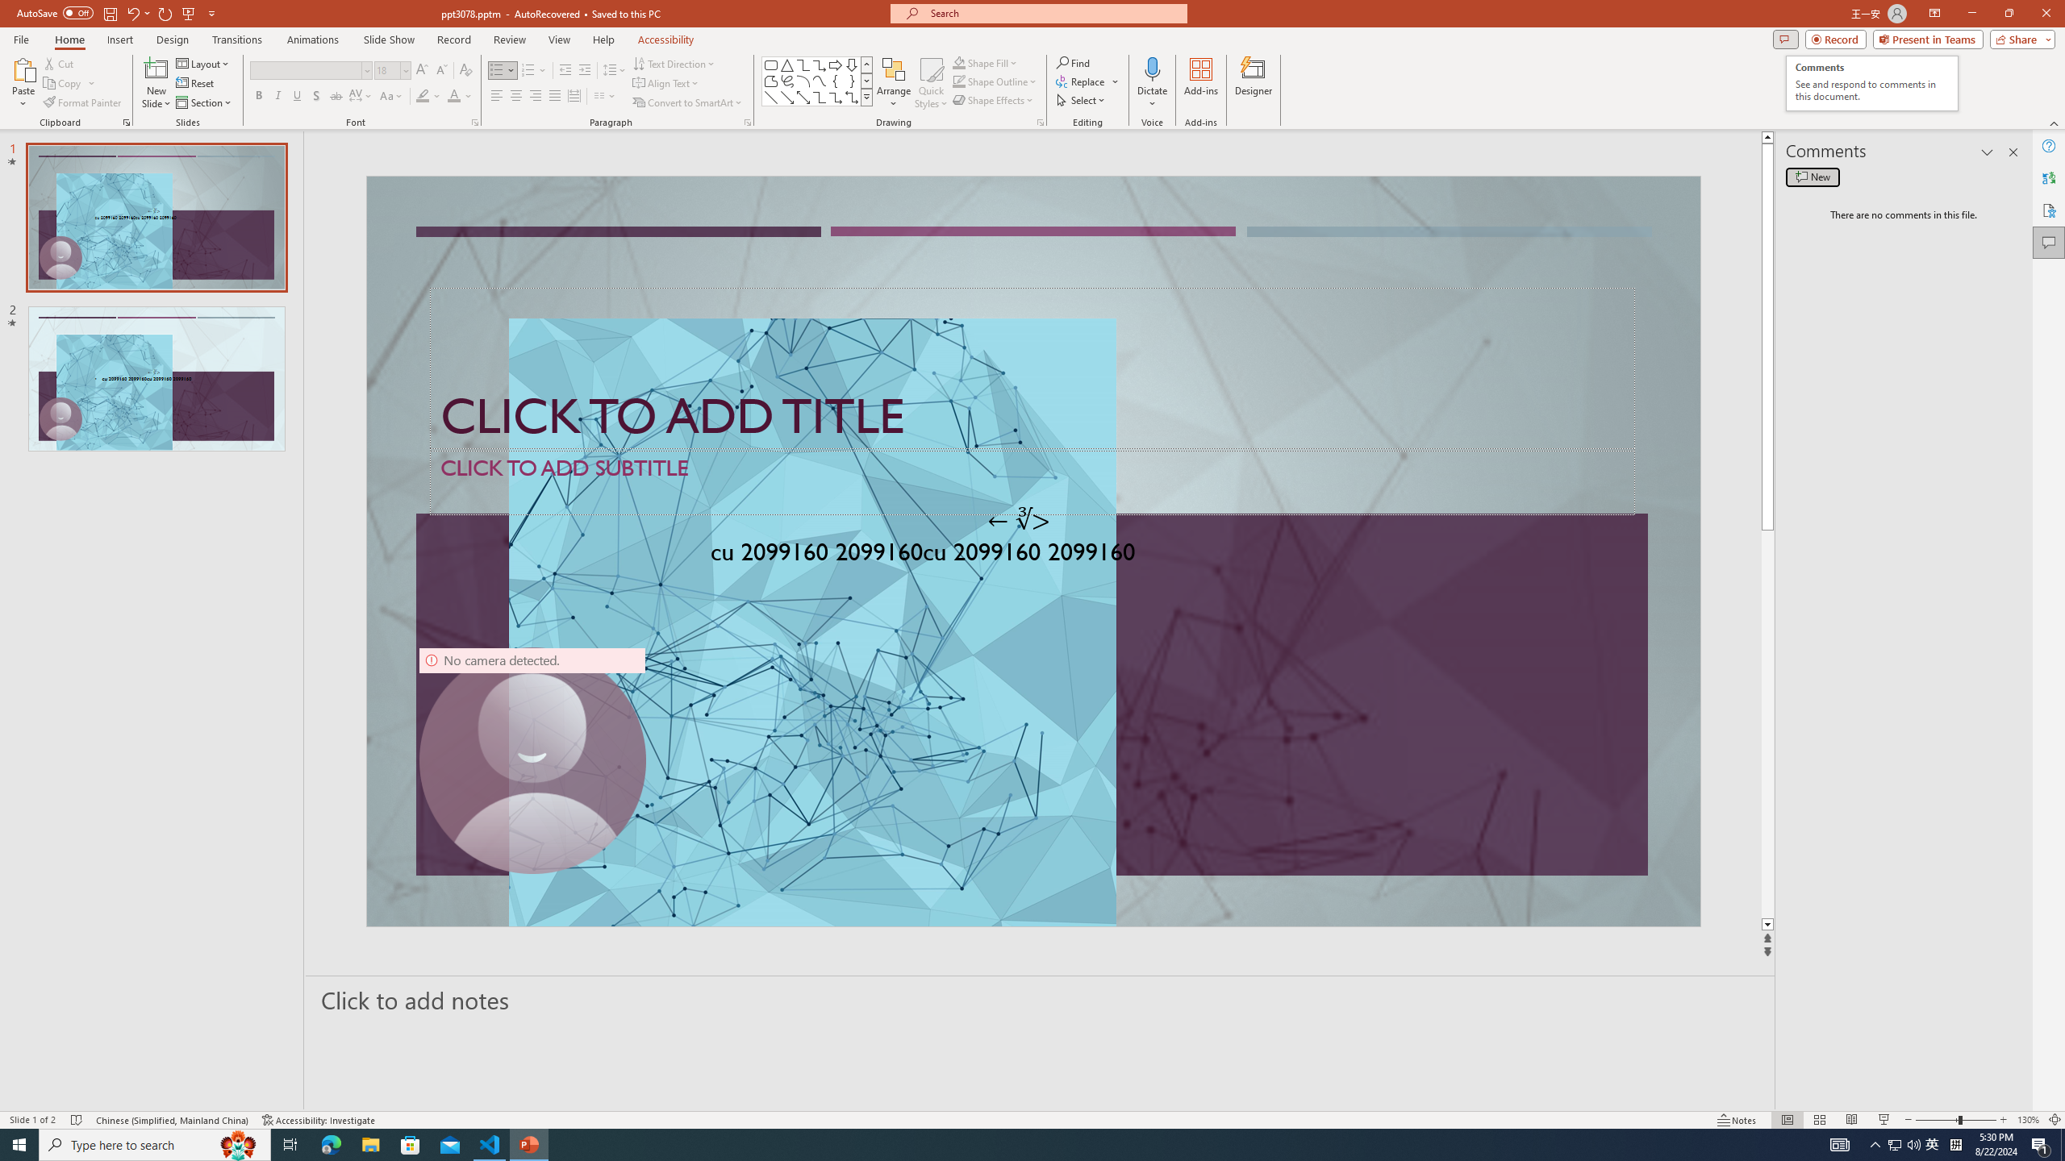 The height and width of the screenshot is (1161, 2065). Describe the element at coordinates (1032, 551) in the screenshot. I see `'An abstract genetic concept'` at that location.